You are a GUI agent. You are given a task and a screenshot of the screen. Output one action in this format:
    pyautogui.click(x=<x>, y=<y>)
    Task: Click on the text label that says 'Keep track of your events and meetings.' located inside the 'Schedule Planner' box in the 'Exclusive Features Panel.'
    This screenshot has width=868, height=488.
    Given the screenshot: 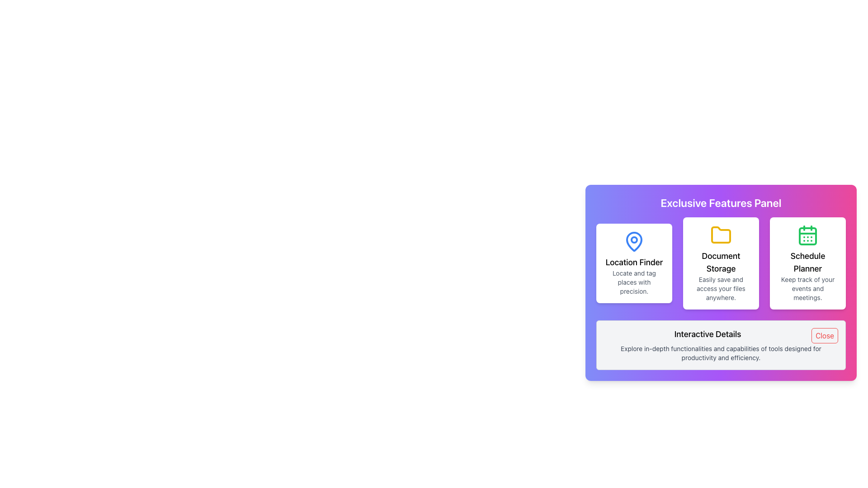 What is the action you would take?
    pyautogui.click(x=807, y=289)
    